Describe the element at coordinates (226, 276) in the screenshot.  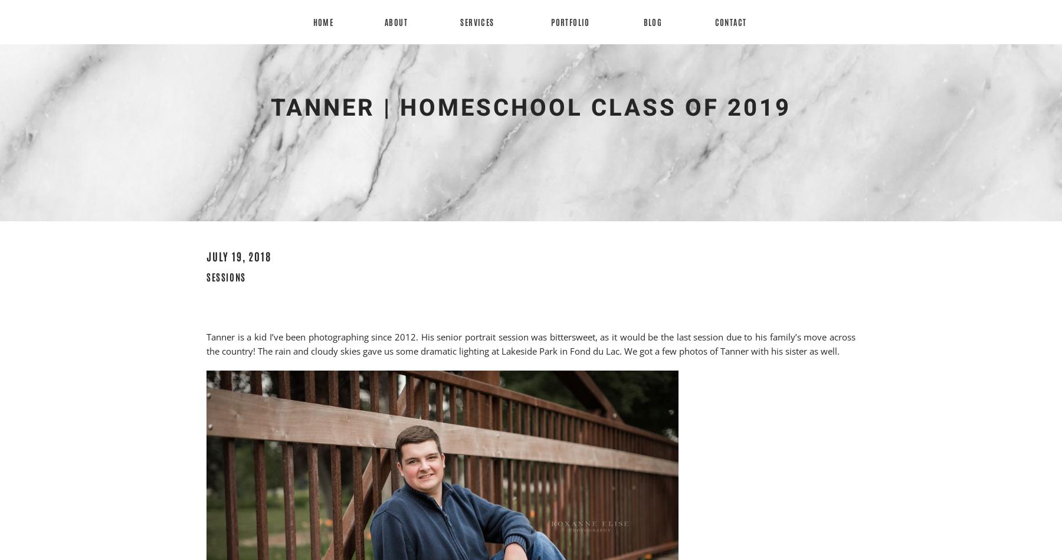
I see `'Sessions'` at that location.